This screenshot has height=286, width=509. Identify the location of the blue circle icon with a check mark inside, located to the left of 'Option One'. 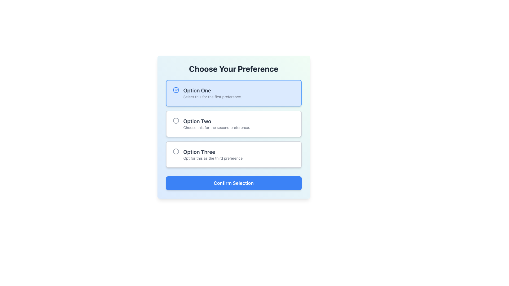
(176, 90).